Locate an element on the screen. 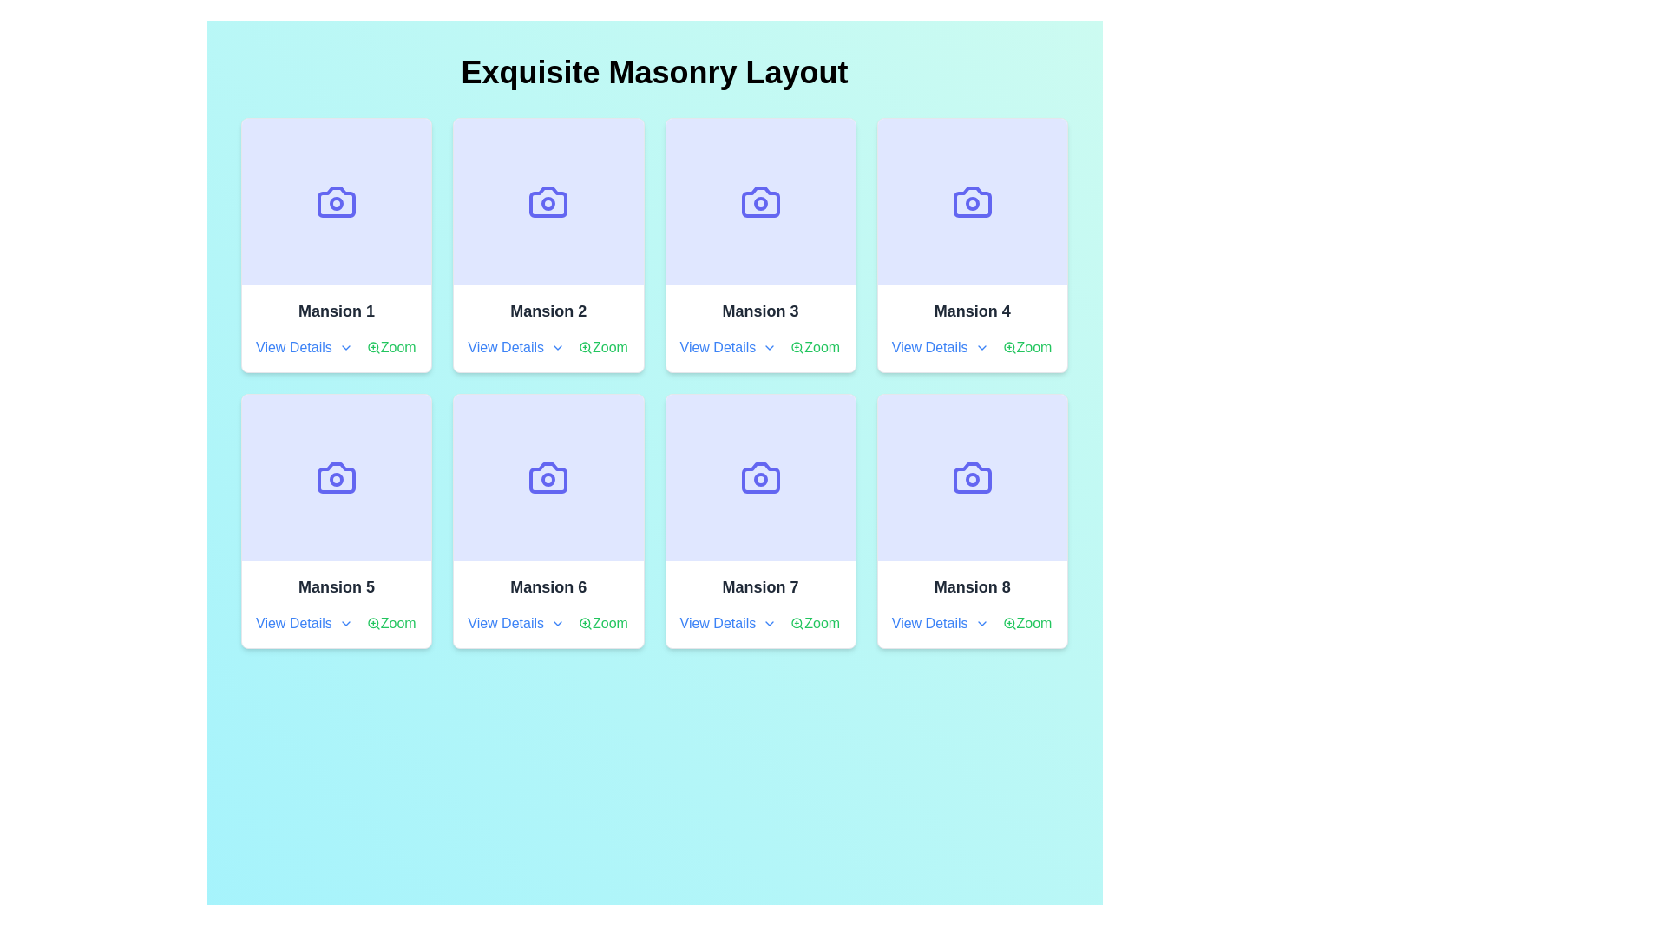 Image resolution: width=1666 pixels, height=937 pixels. the hyperlink text for 'Mansion 6' is located at coordinates (515, 622).